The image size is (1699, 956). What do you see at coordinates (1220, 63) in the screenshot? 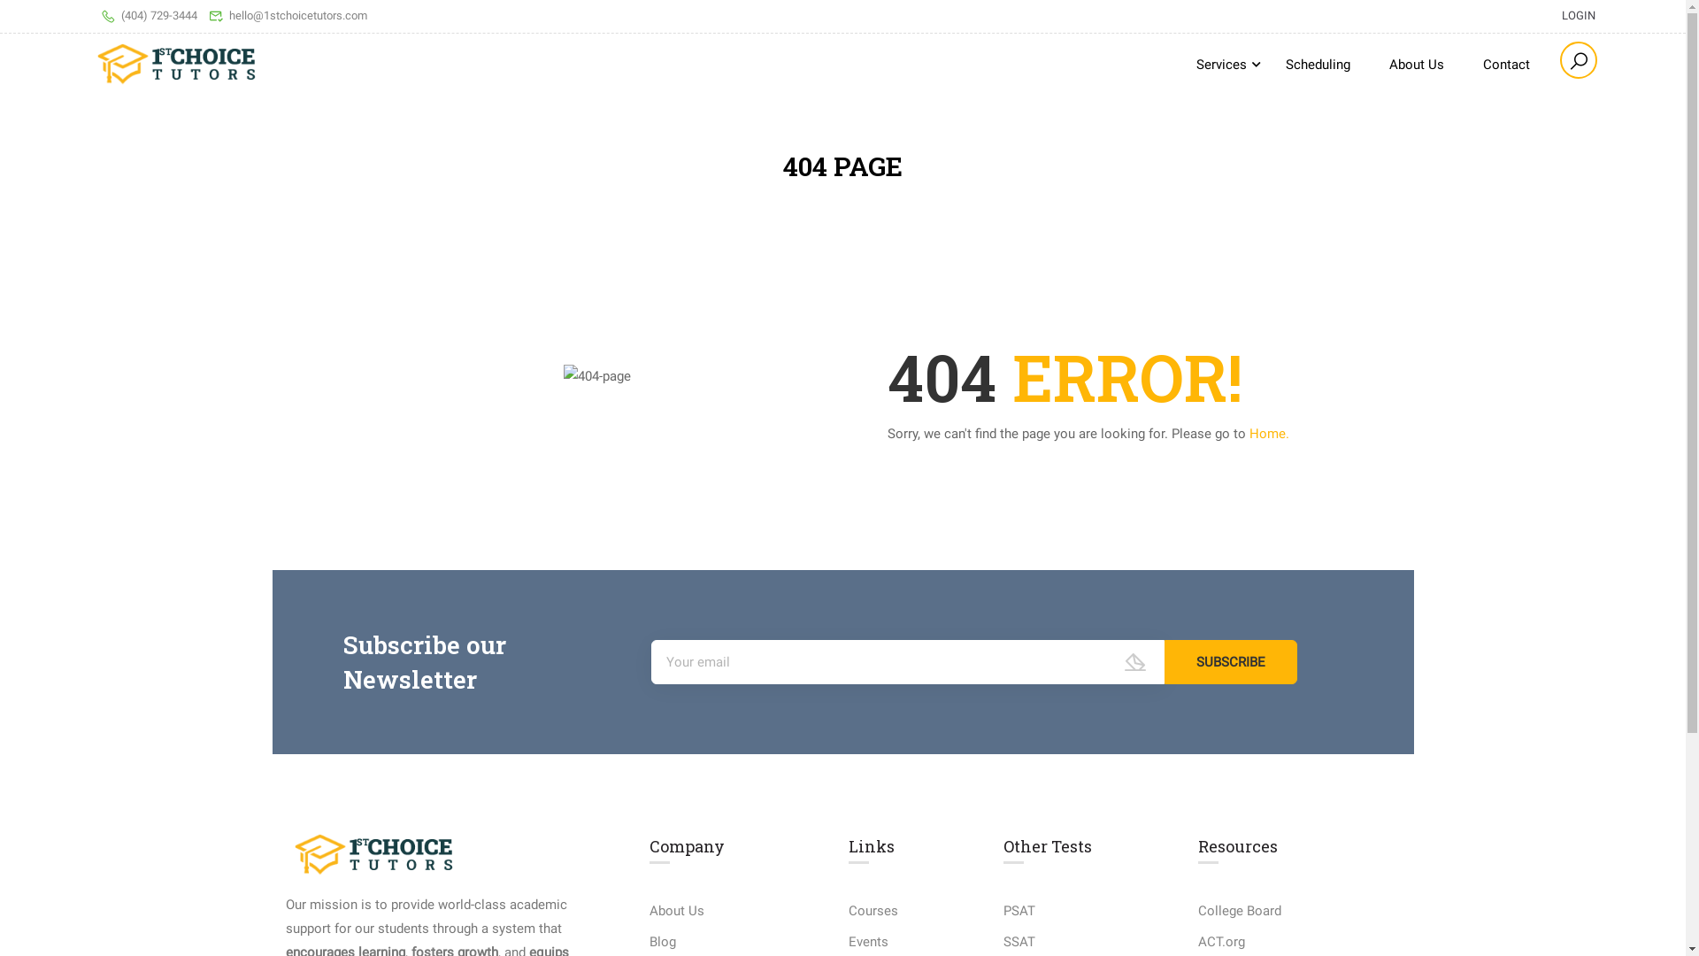
I see `'Services'` at bounding box center [1220, 63].